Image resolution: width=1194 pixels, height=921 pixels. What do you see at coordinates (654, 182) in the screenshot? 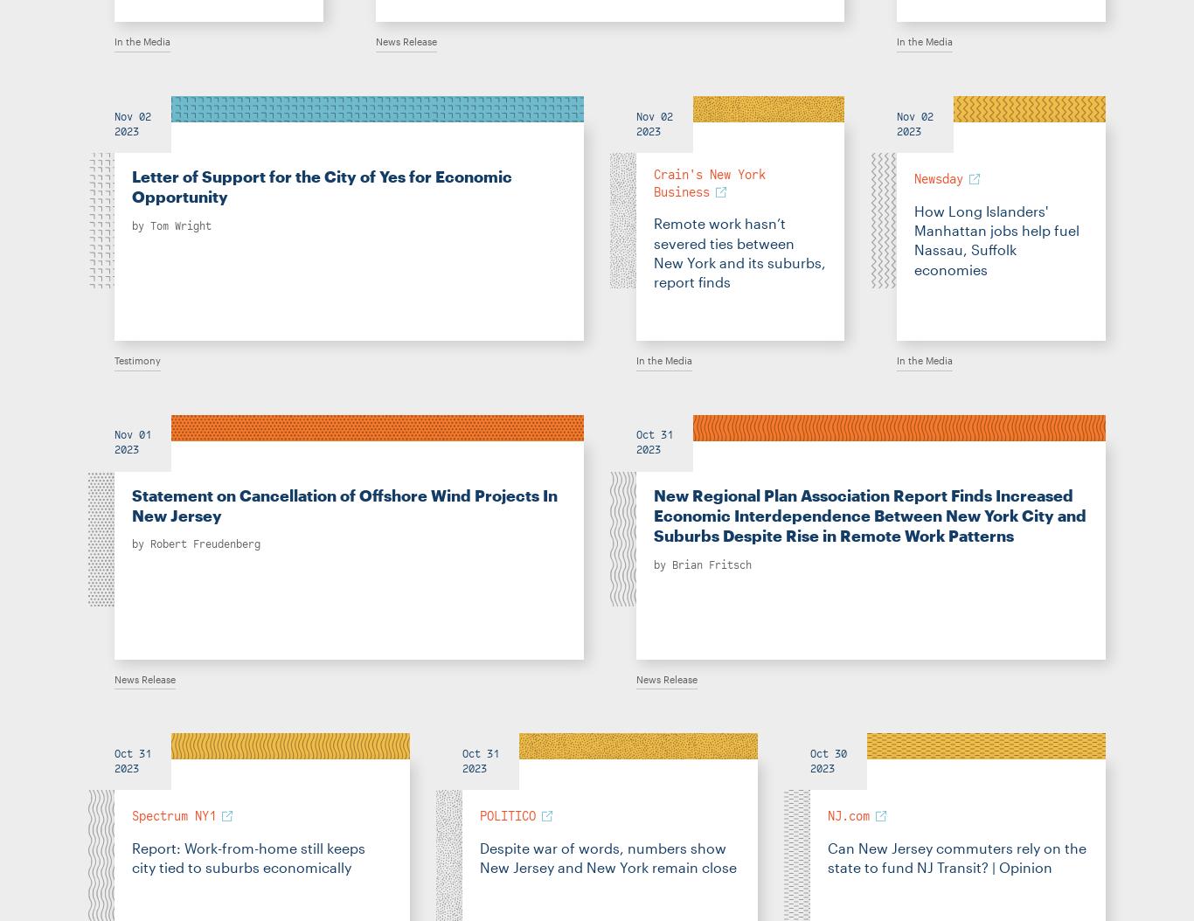
I see `'Crain's New York Business'` at bounding box center [654, 182].